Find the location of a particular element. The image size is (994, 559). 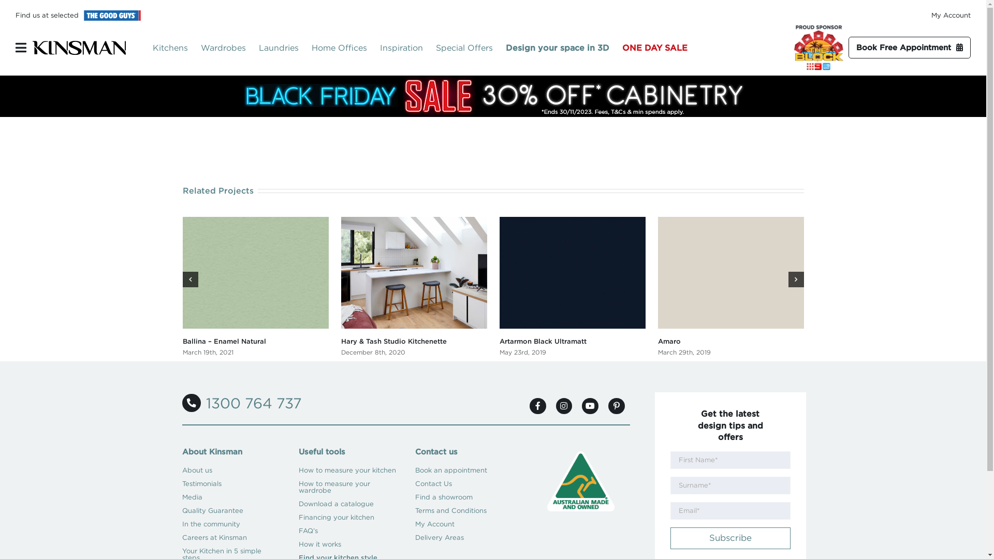

'How to measure your kitchen' is located at coordinates (347, 470).